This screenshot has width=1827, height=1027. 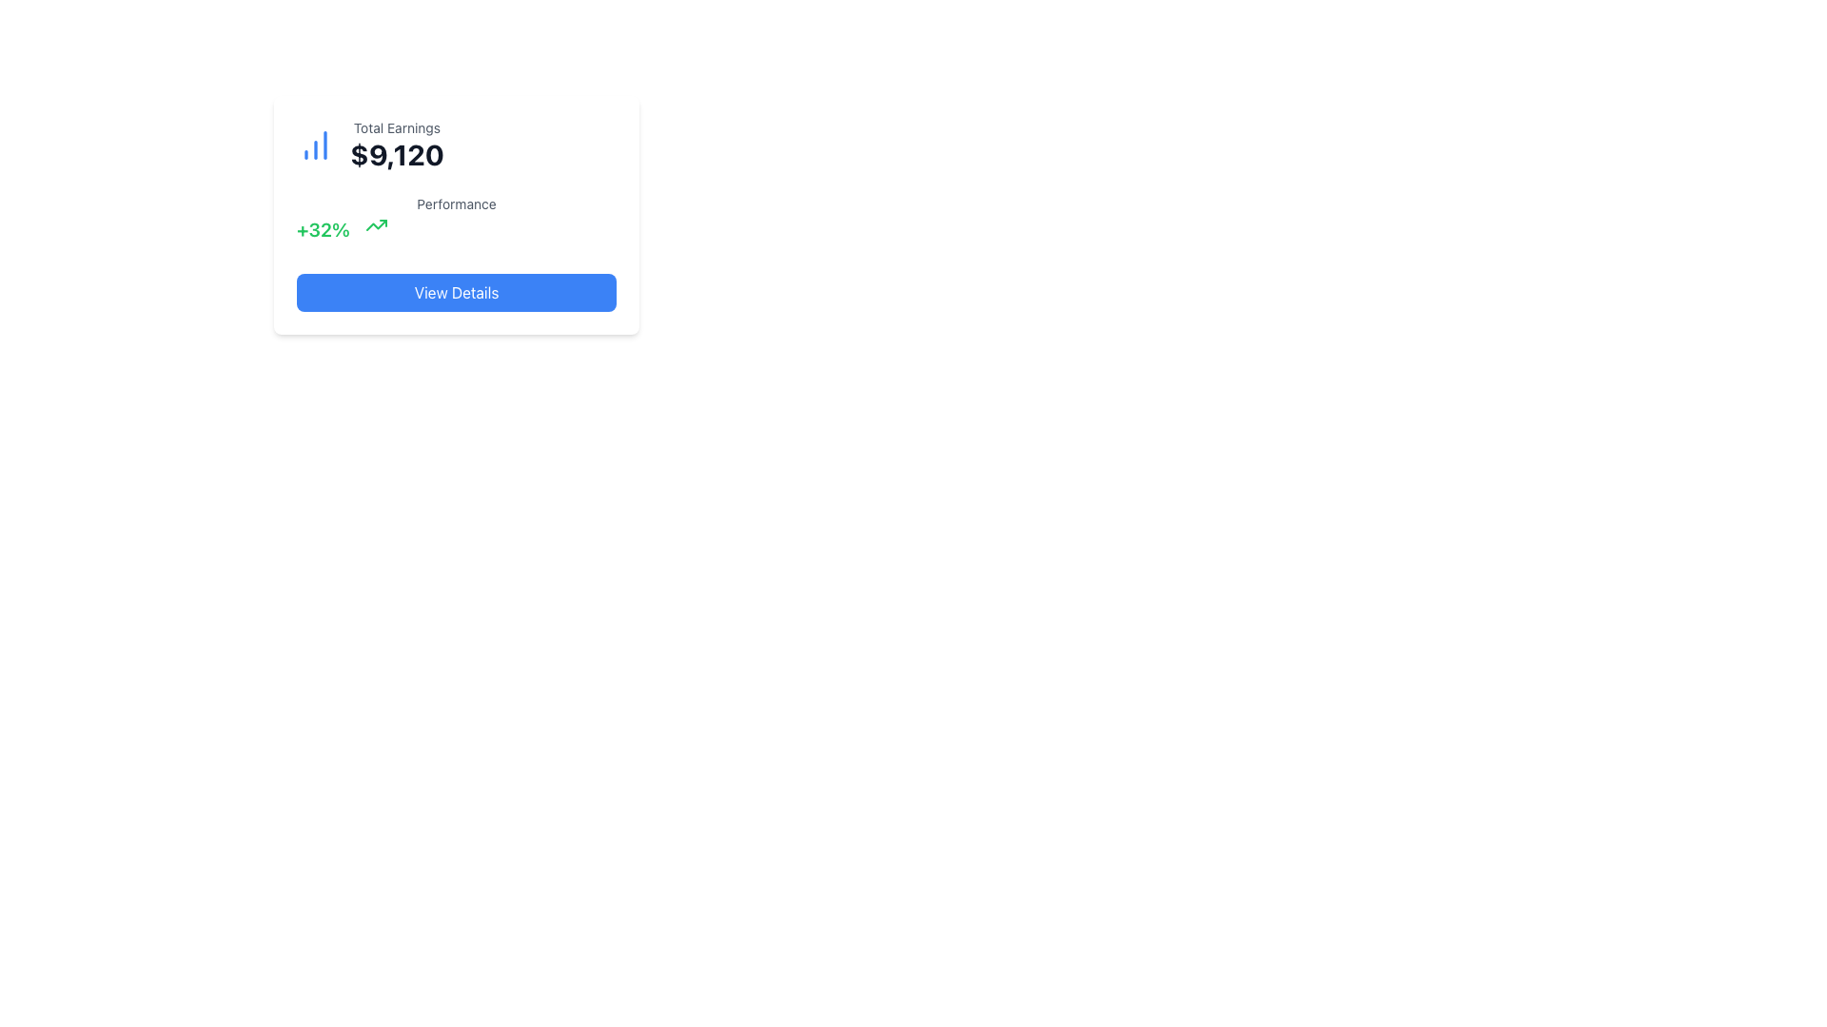 What do you see at coordinates (376, 223) in the screenshot?
I see `the small upward trending green arrow icon representing performance, which is located next to the text '+32%' and above the 'Performance' label` at bounding box center [376, 223].